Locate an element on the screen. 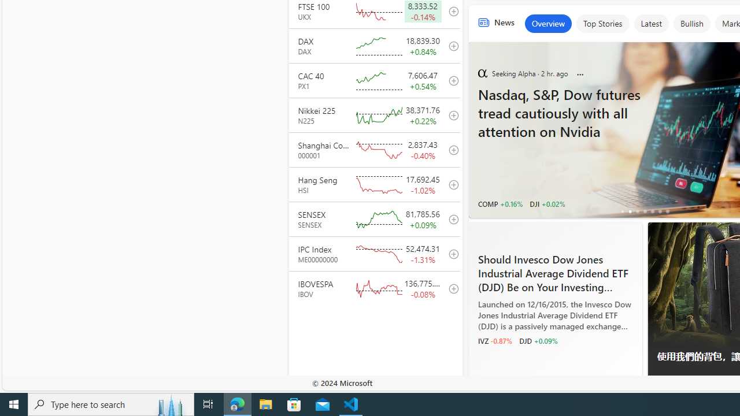 Image resolution: width=740 pixels, height=416 pixels. 'COMP +0.16%' is located at coordinates (499, 203).